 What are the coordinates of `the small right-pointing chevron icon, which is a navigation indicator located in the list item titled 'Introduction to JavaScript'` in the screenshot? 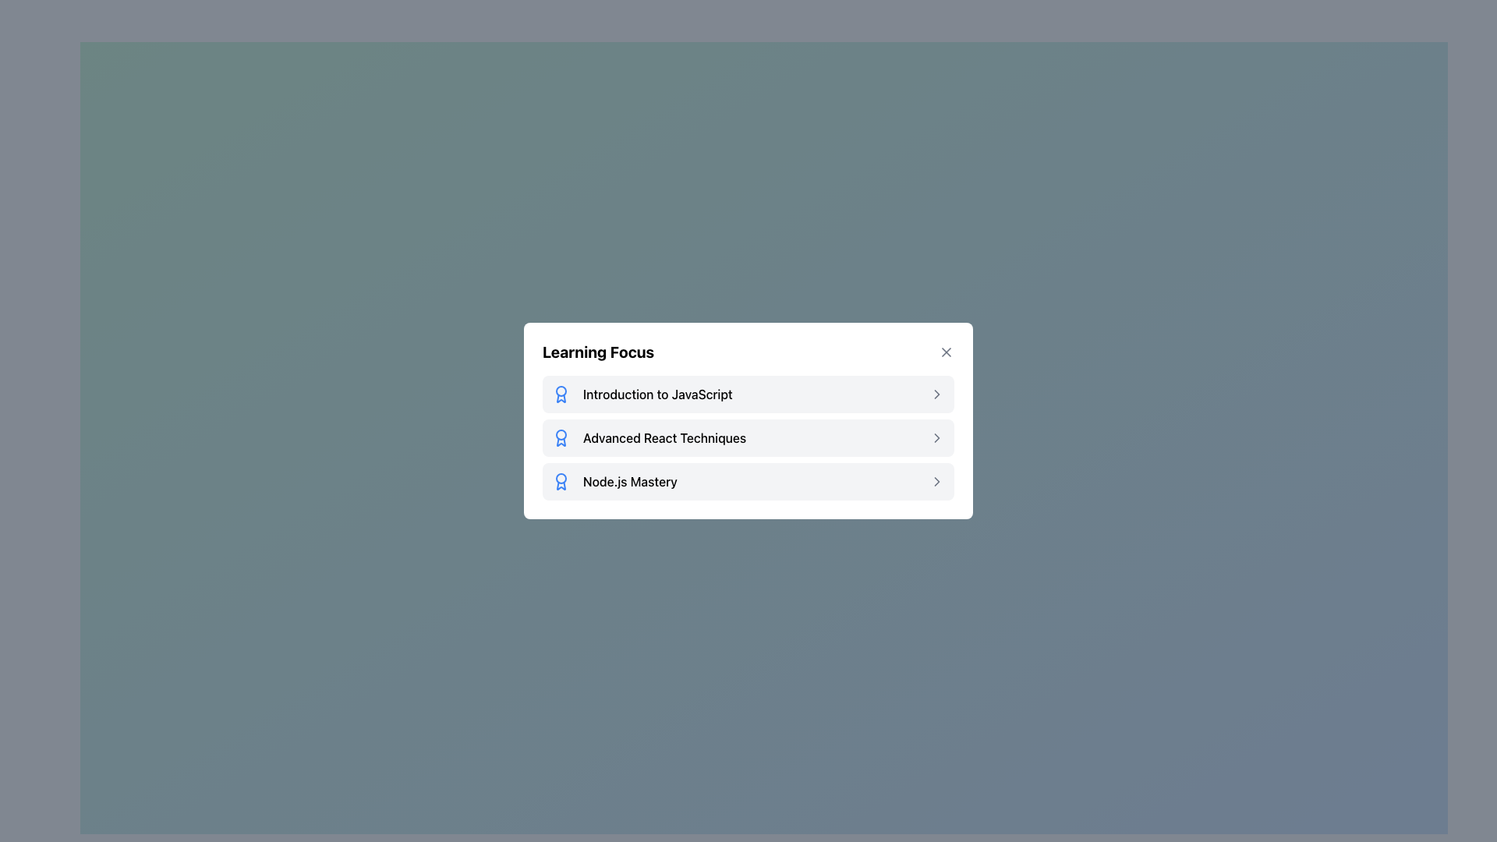 It's located at (936, 393).